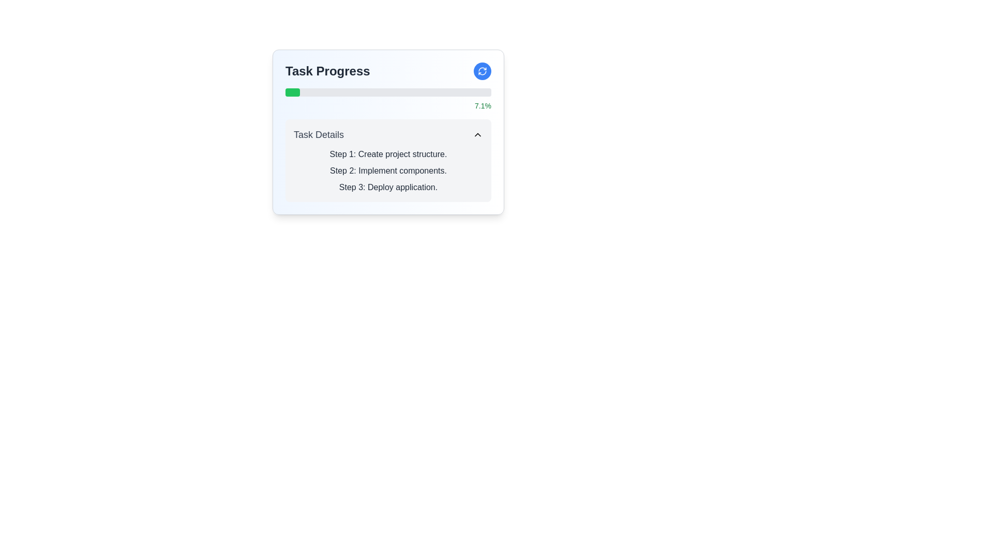 This screenshot has width=993, height=558. What do you see at coordinates (387, 171) in the screenshot?
I see `text indicating the second step in the 'Task Details' section, positioned between 'Step 1: Create project structure.' and 'Step 3: Deploy application.'` at bounding box center [387, 171].